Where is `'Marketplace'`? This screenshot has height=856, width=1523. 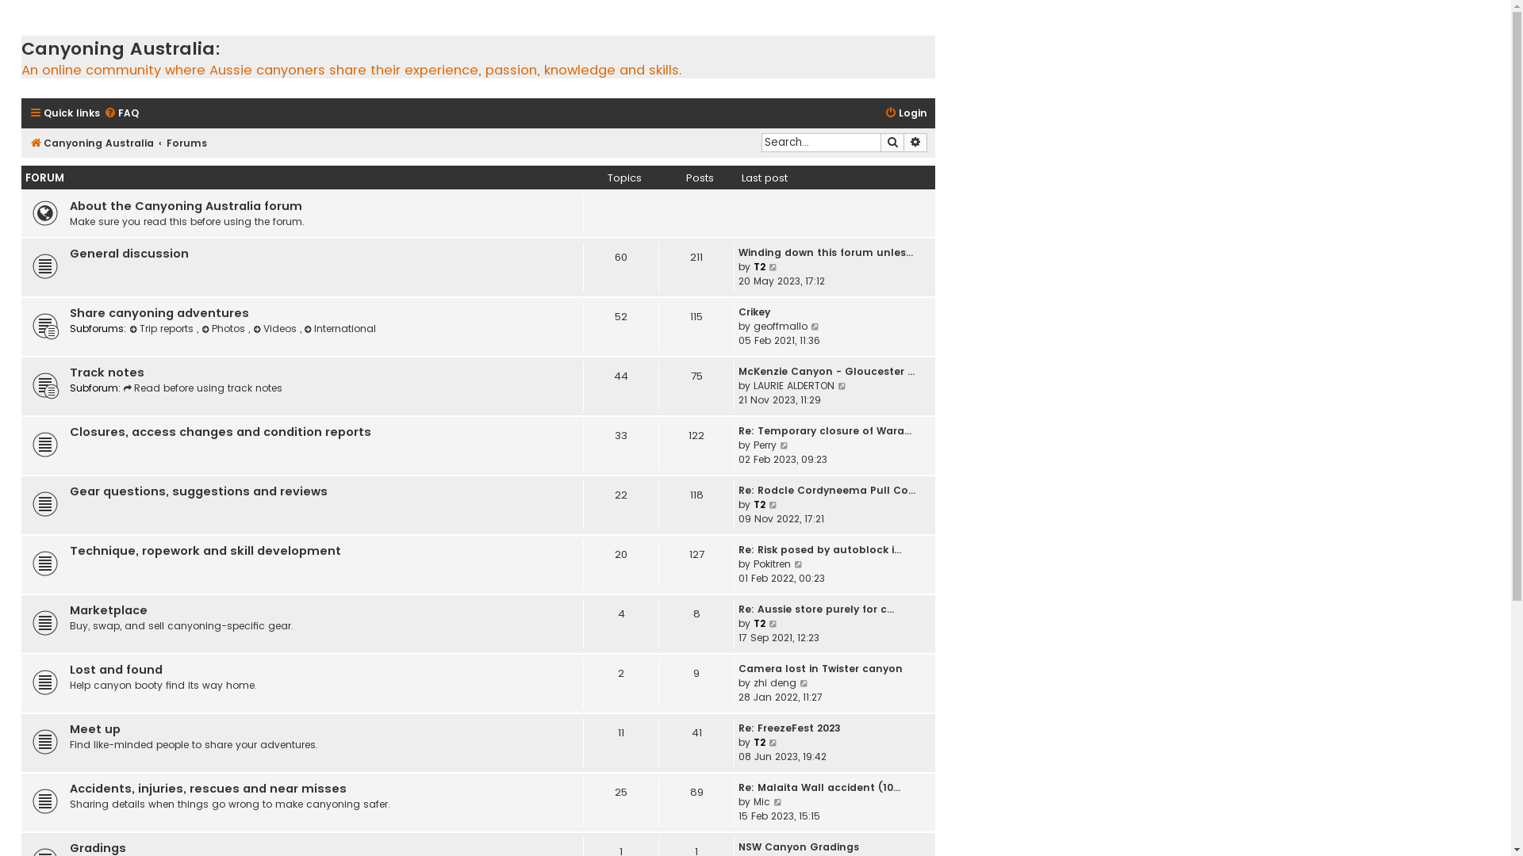
'Marketplace' is located at coordinates (108, 610).